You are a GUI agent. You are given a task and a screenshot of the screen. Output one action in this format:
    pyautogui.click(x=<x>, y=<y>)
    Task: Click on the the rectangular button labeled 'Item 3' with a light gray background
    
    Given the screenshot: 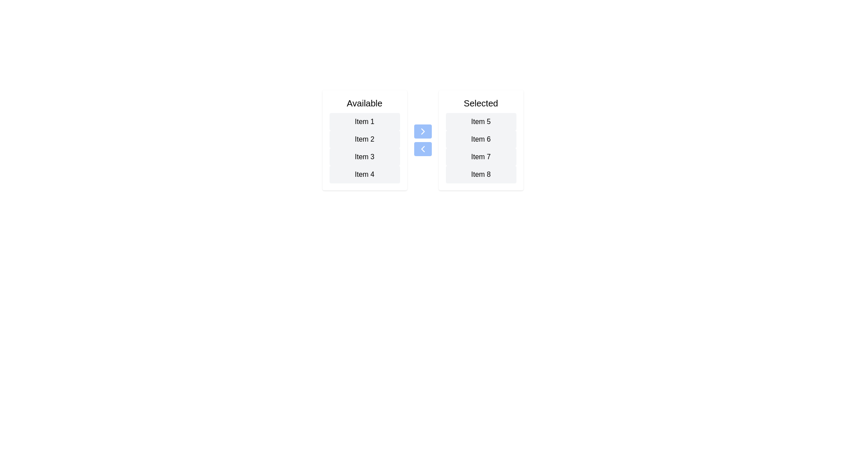 What is the action you would take?
    pyautogui.click(x=364, y=157)
    